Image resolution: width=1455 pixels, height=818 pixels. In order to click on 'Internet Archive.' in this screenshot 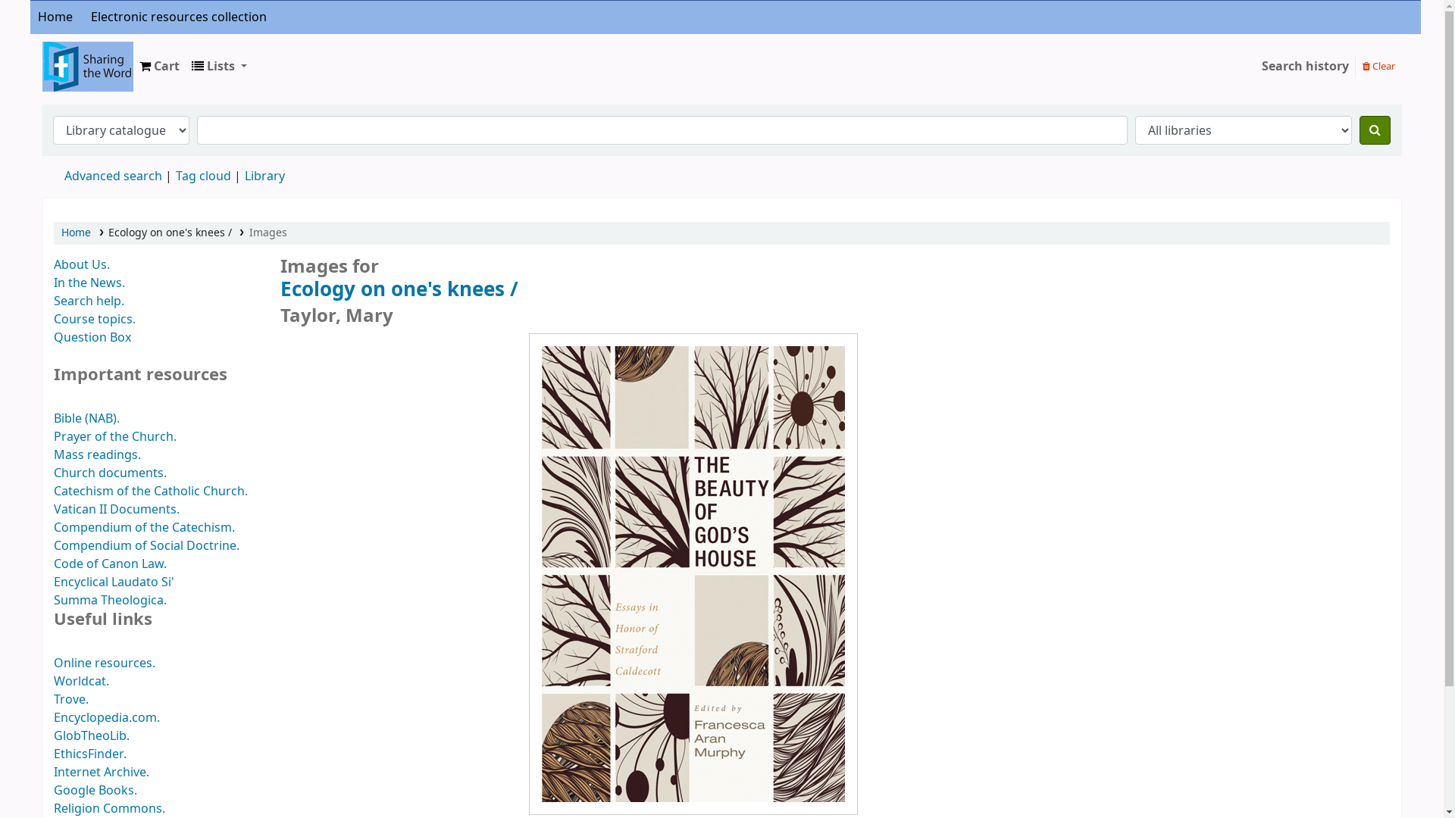, I will do `click(101, 772)`.